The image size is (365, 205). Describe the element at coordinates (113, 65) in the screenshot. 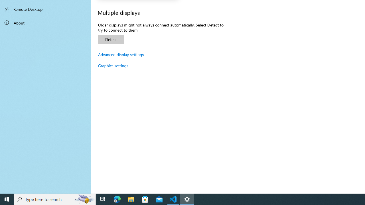

I see `'Graphics settings'` at that location.